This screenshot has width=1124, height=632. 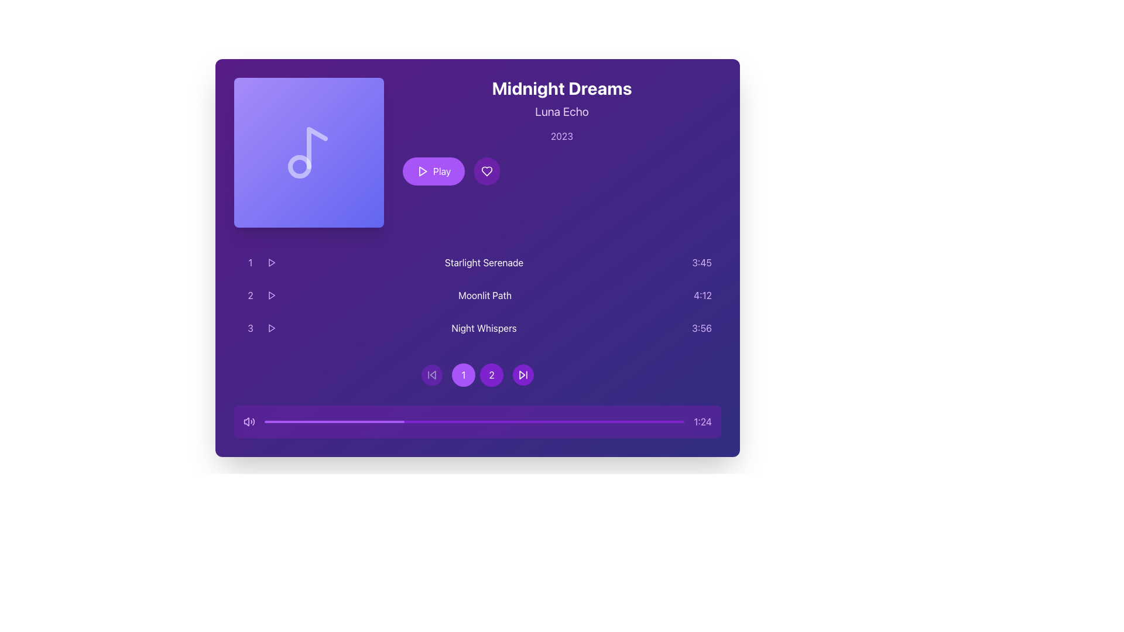 What do you see at coordinates (314, 422) in the screenshot?
I see `playback position` at bounding box center [314, 422].